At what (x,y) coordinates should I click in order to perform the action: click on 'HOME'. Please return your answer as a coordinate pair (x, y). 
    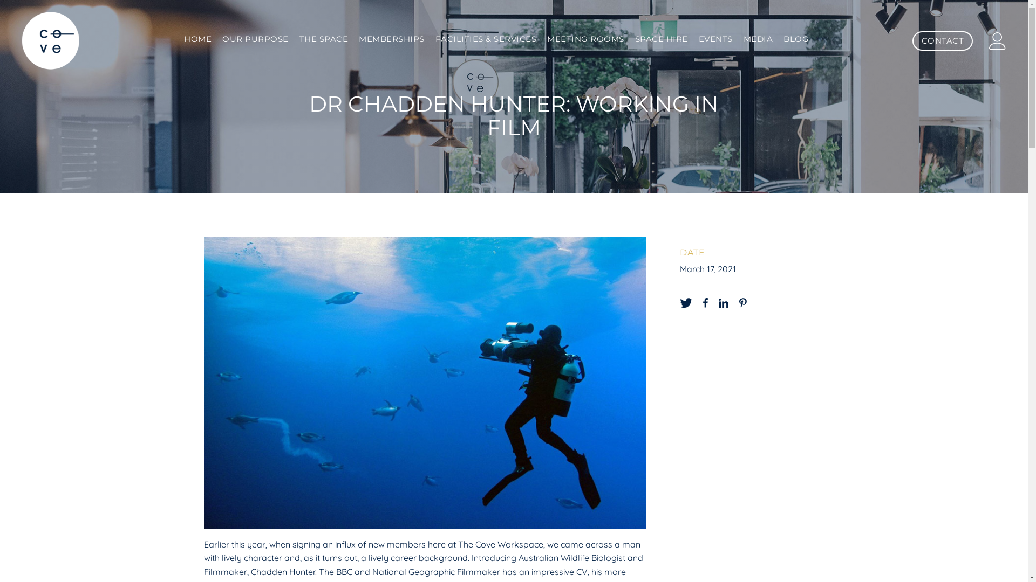
    Looking at the image, I should click on (197, 39).